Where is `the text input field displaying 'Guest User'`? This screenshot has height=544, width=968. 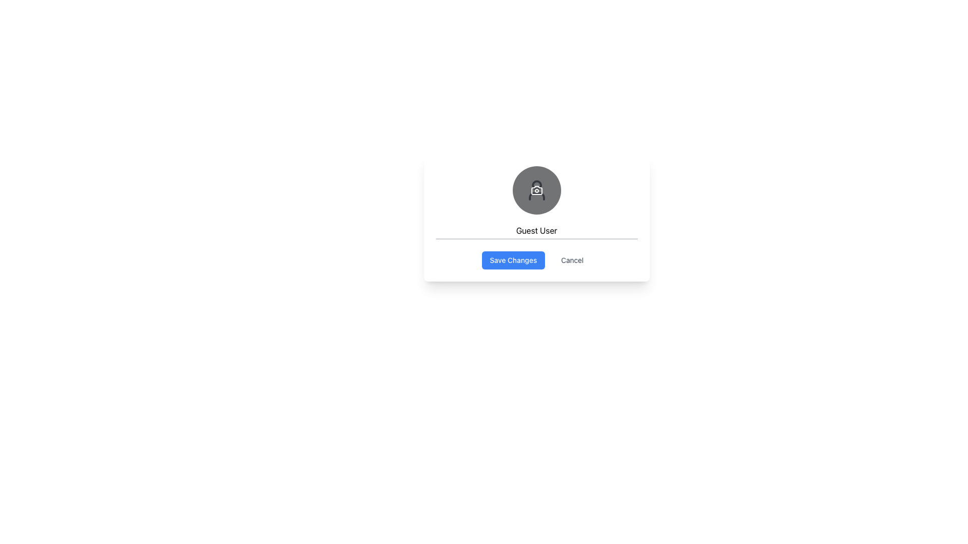
the text input field displaying 'Guest User' is located at coordinates (536, 231).